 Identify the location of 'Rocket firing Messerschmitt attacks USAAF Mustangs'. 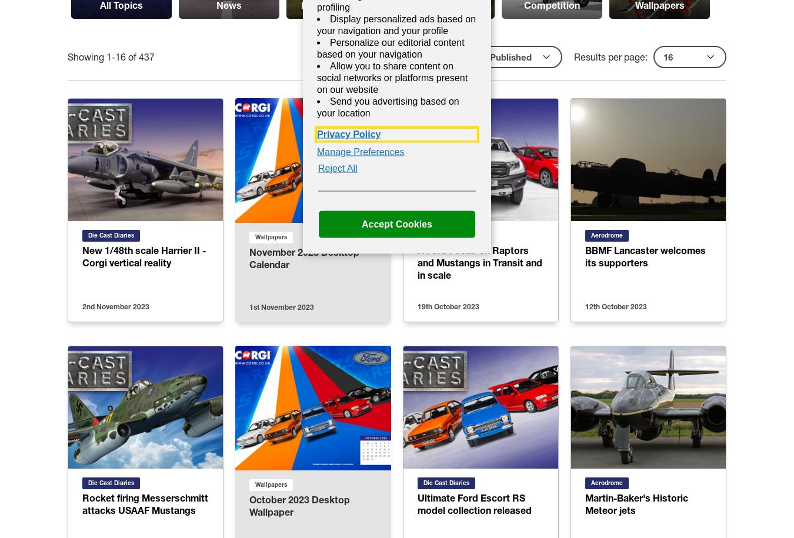
(145, 503).